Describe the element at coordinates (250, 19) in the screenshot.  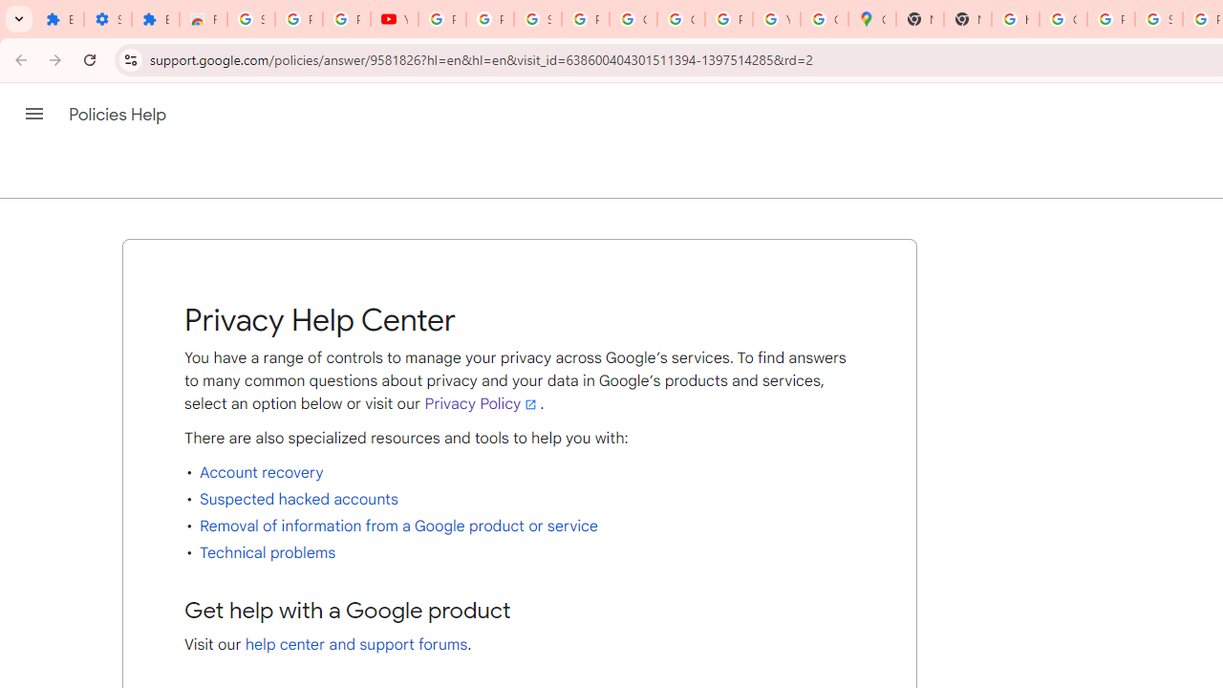
I see `'Sign in - Google Accounts'` at that location.